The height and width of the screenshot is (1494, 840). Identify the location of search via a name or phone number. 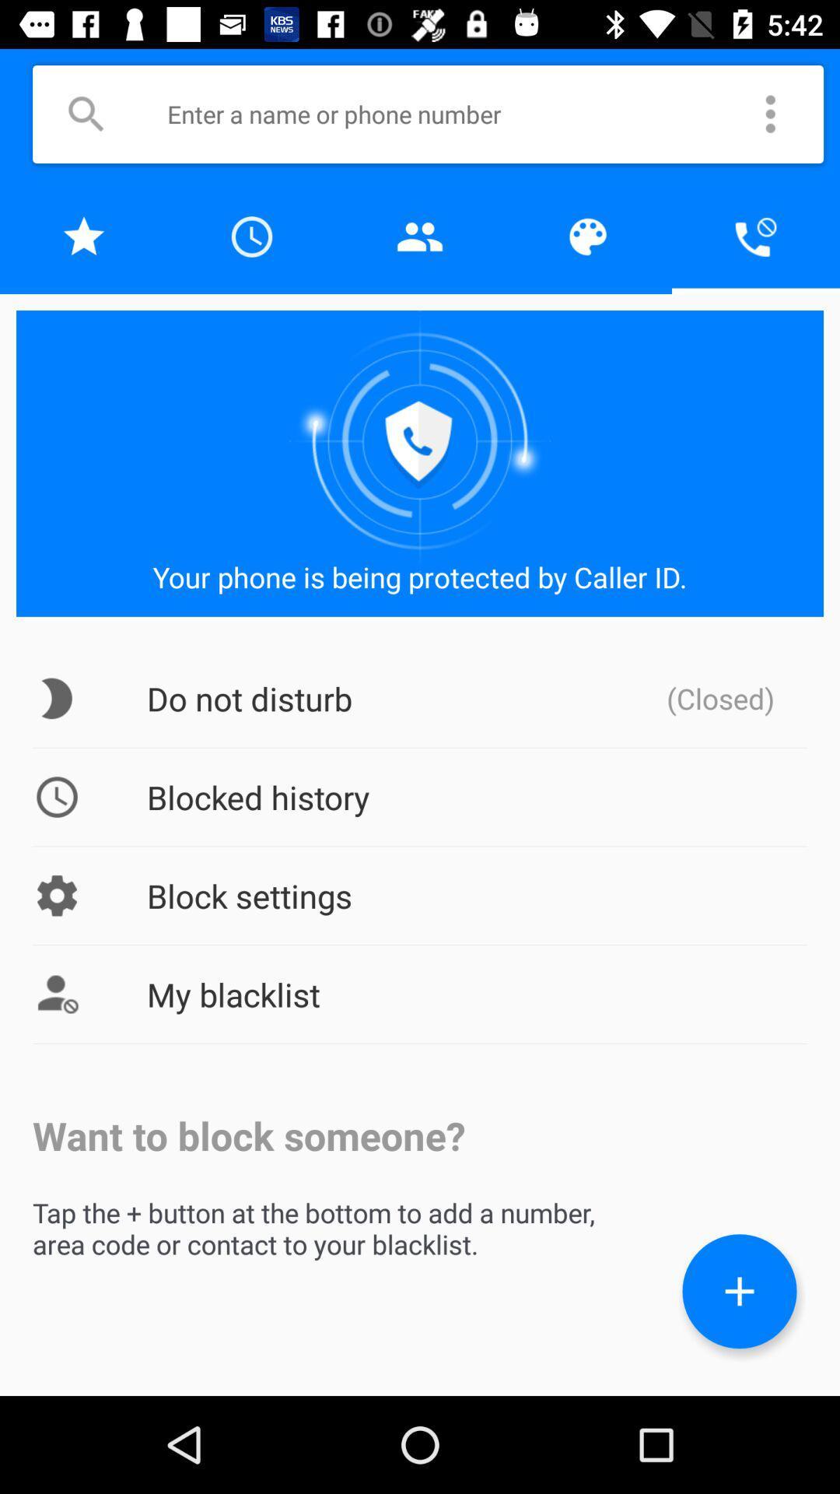
(450, 113).